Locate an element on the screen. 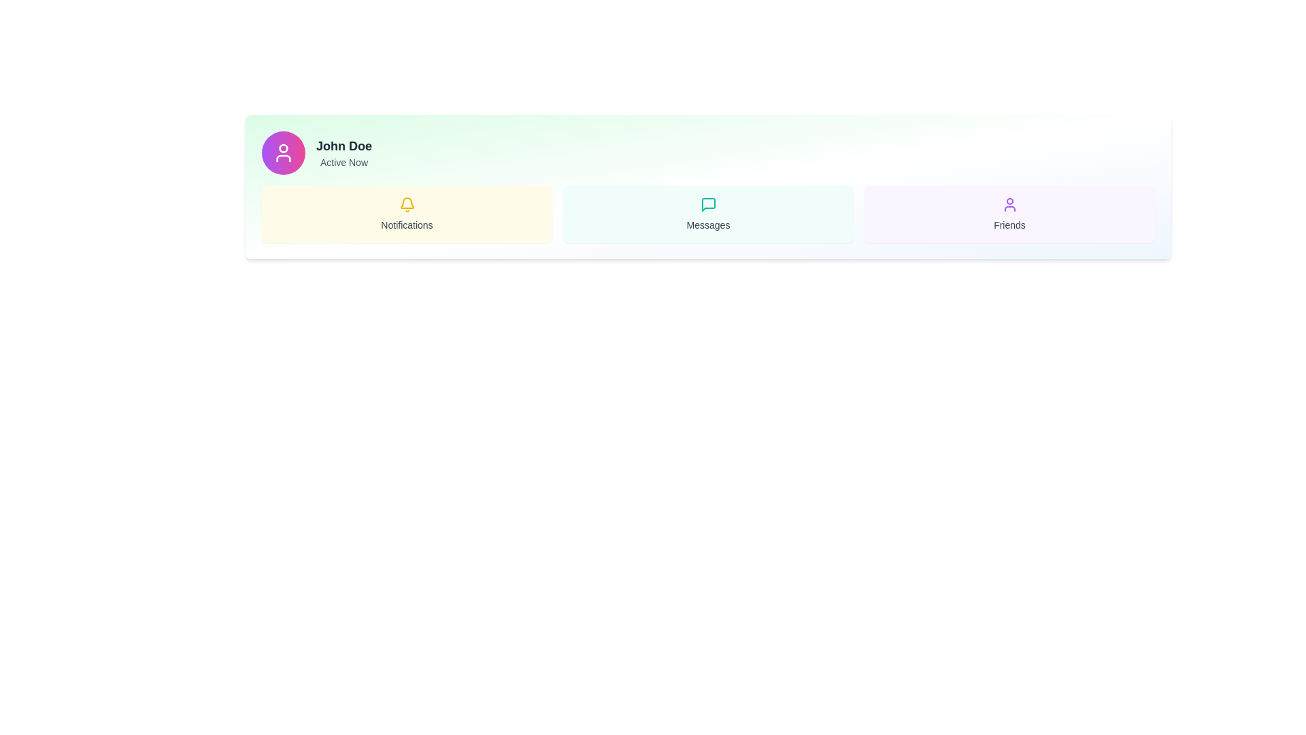  the bell icon located within the 'Notifications' section, which serves as a visual indicator for notifications is located at coordinates (406, 203).